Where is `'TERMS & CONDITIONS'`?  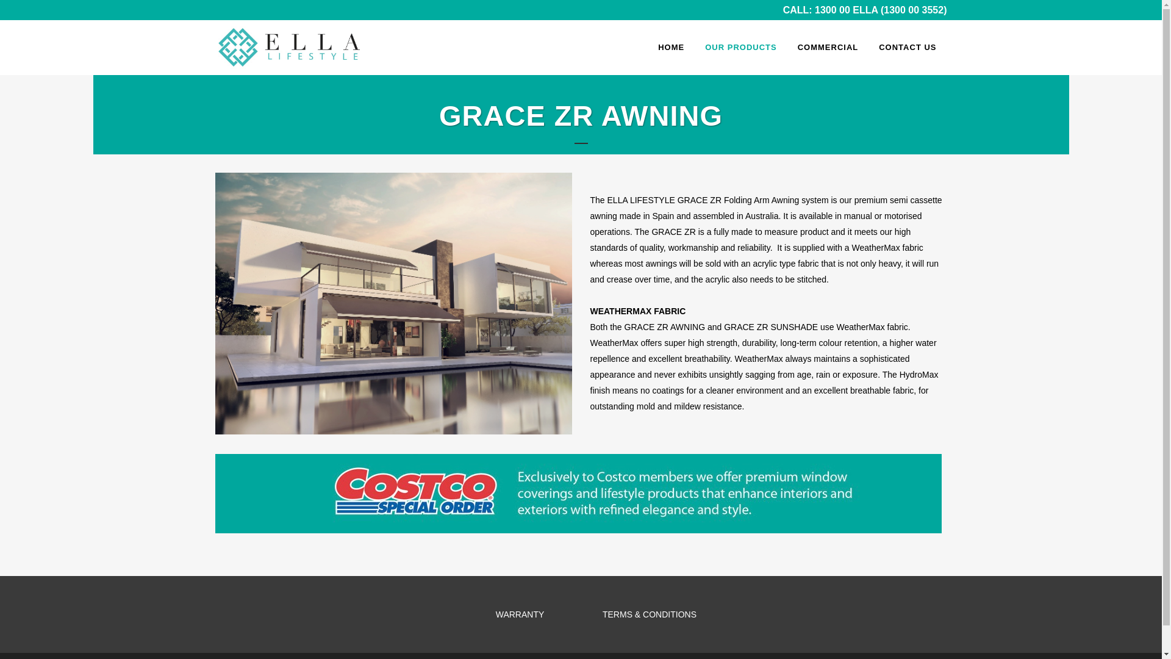
'TERMS & CONDITIONS' is located at coordinates (649, 614).